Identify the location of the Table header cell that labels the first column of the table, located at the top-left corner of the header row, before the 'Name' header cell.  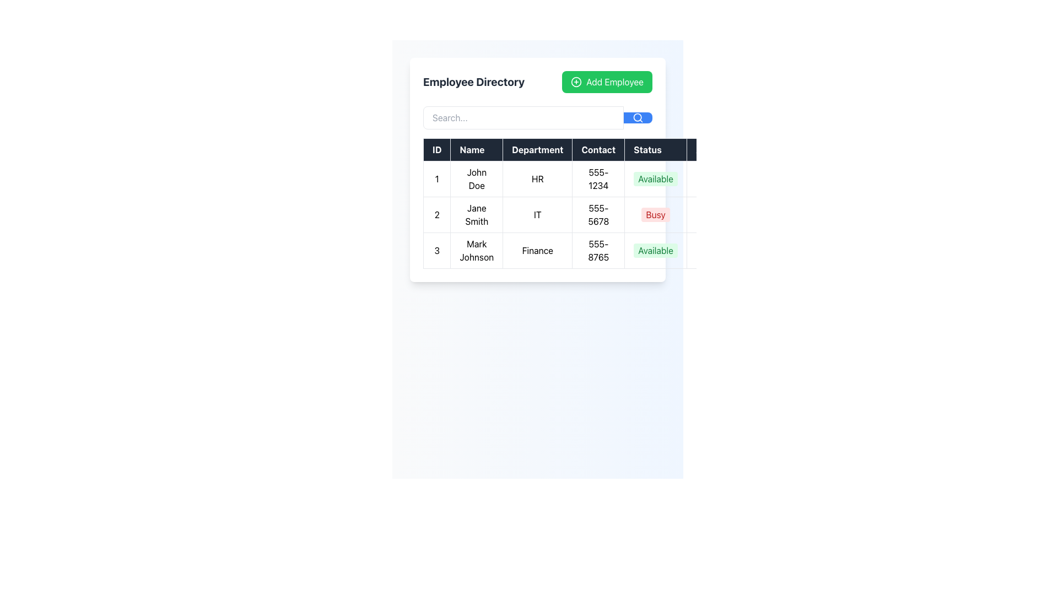
(436, 150).